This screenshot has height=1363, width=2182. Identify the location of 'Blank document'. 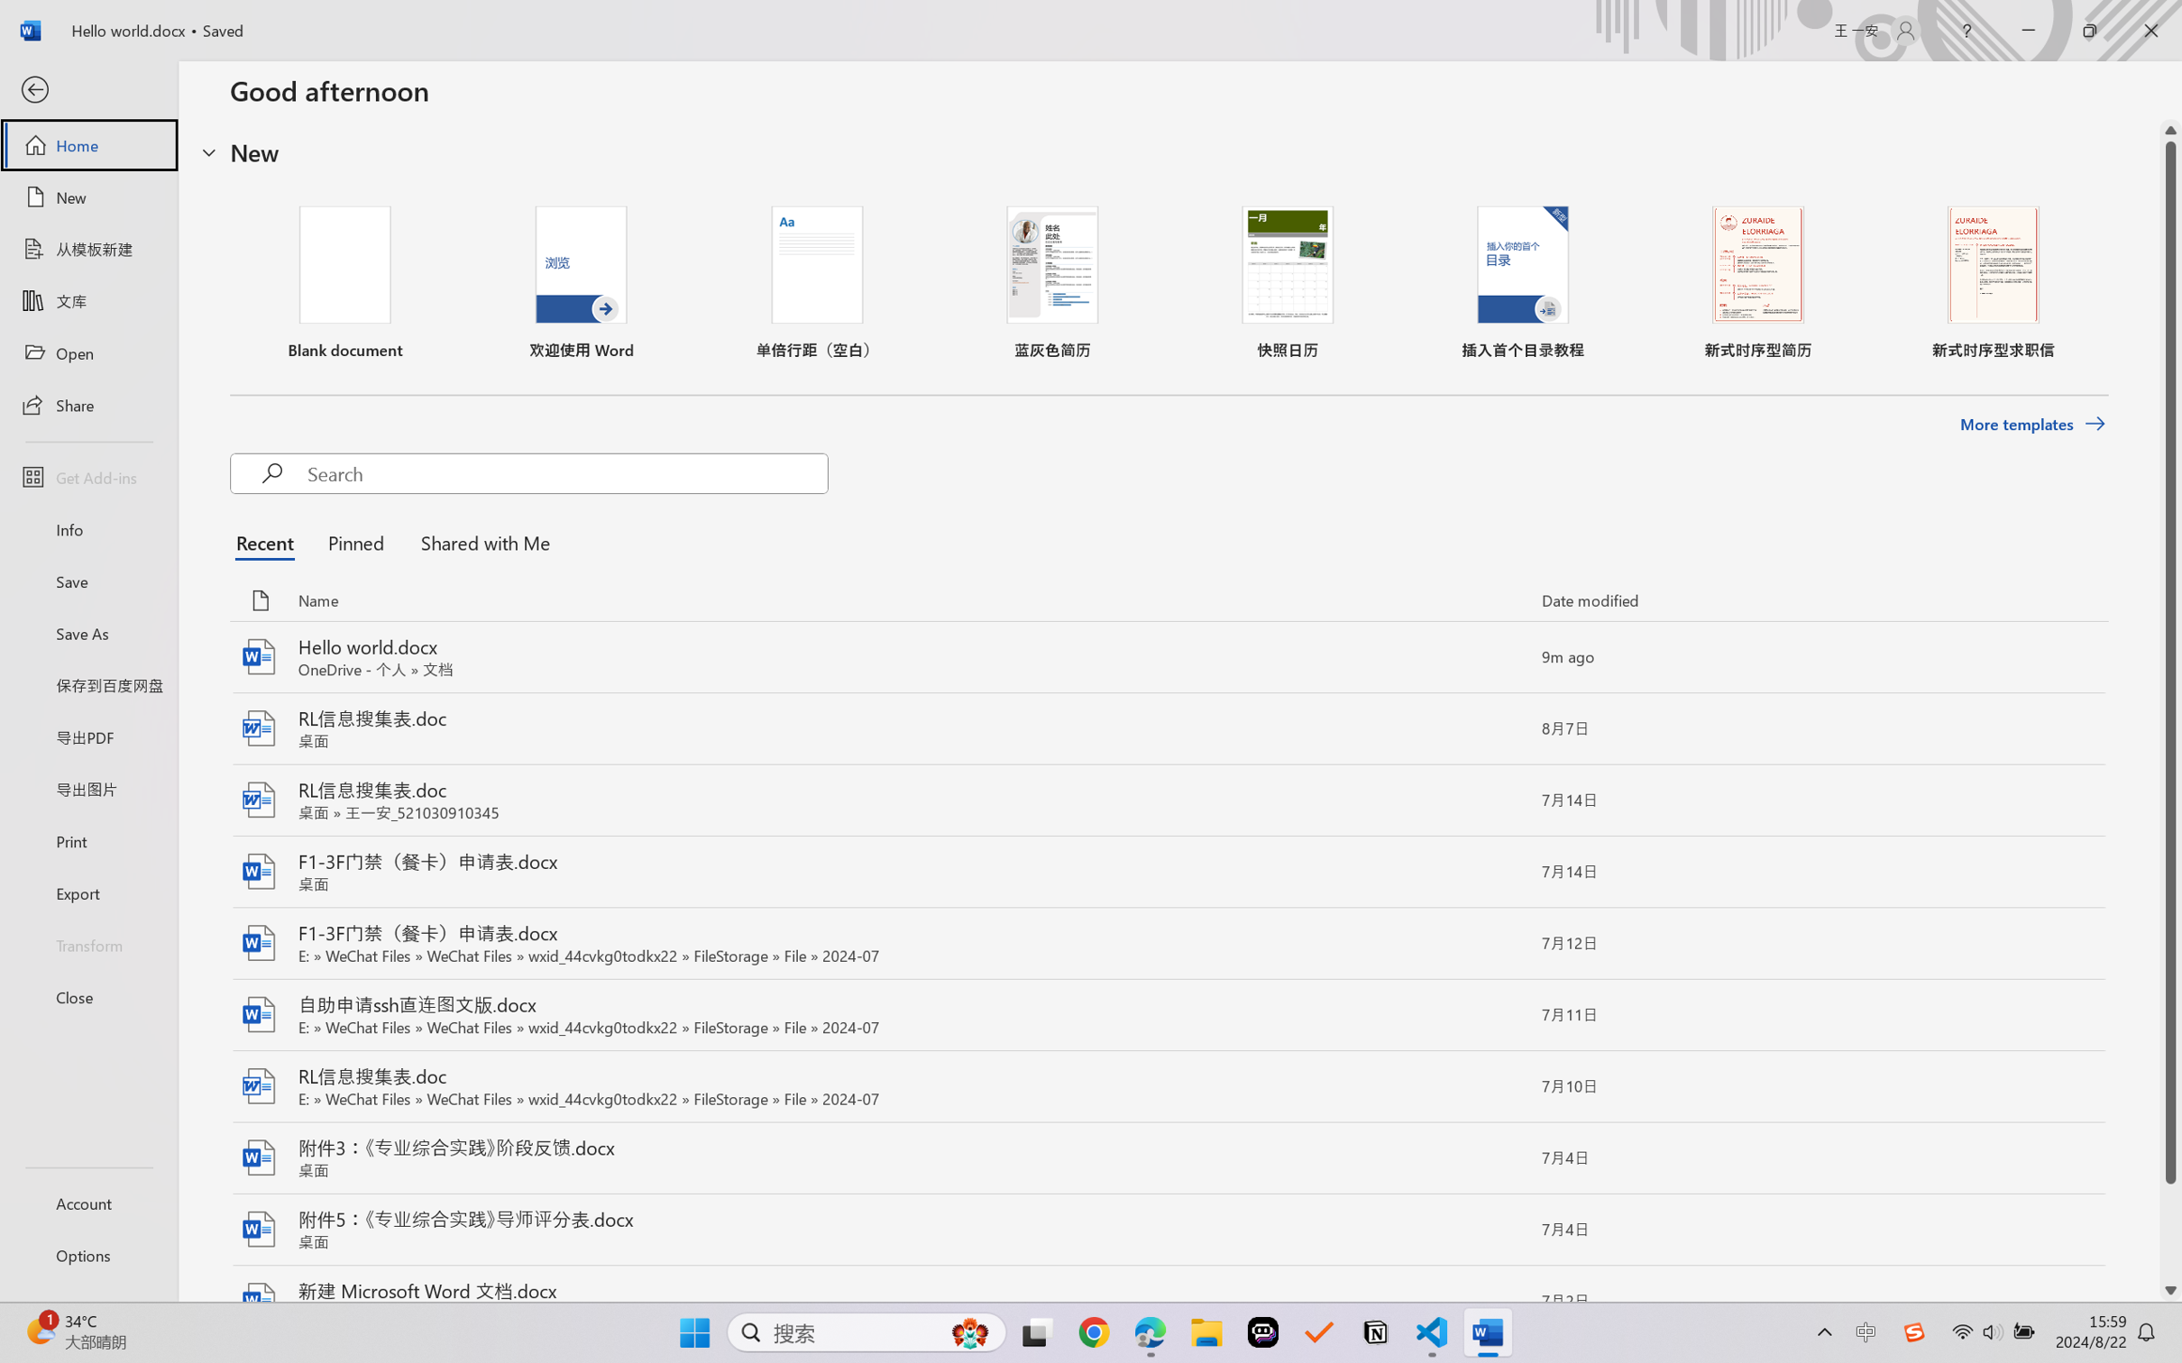
(344, 283).